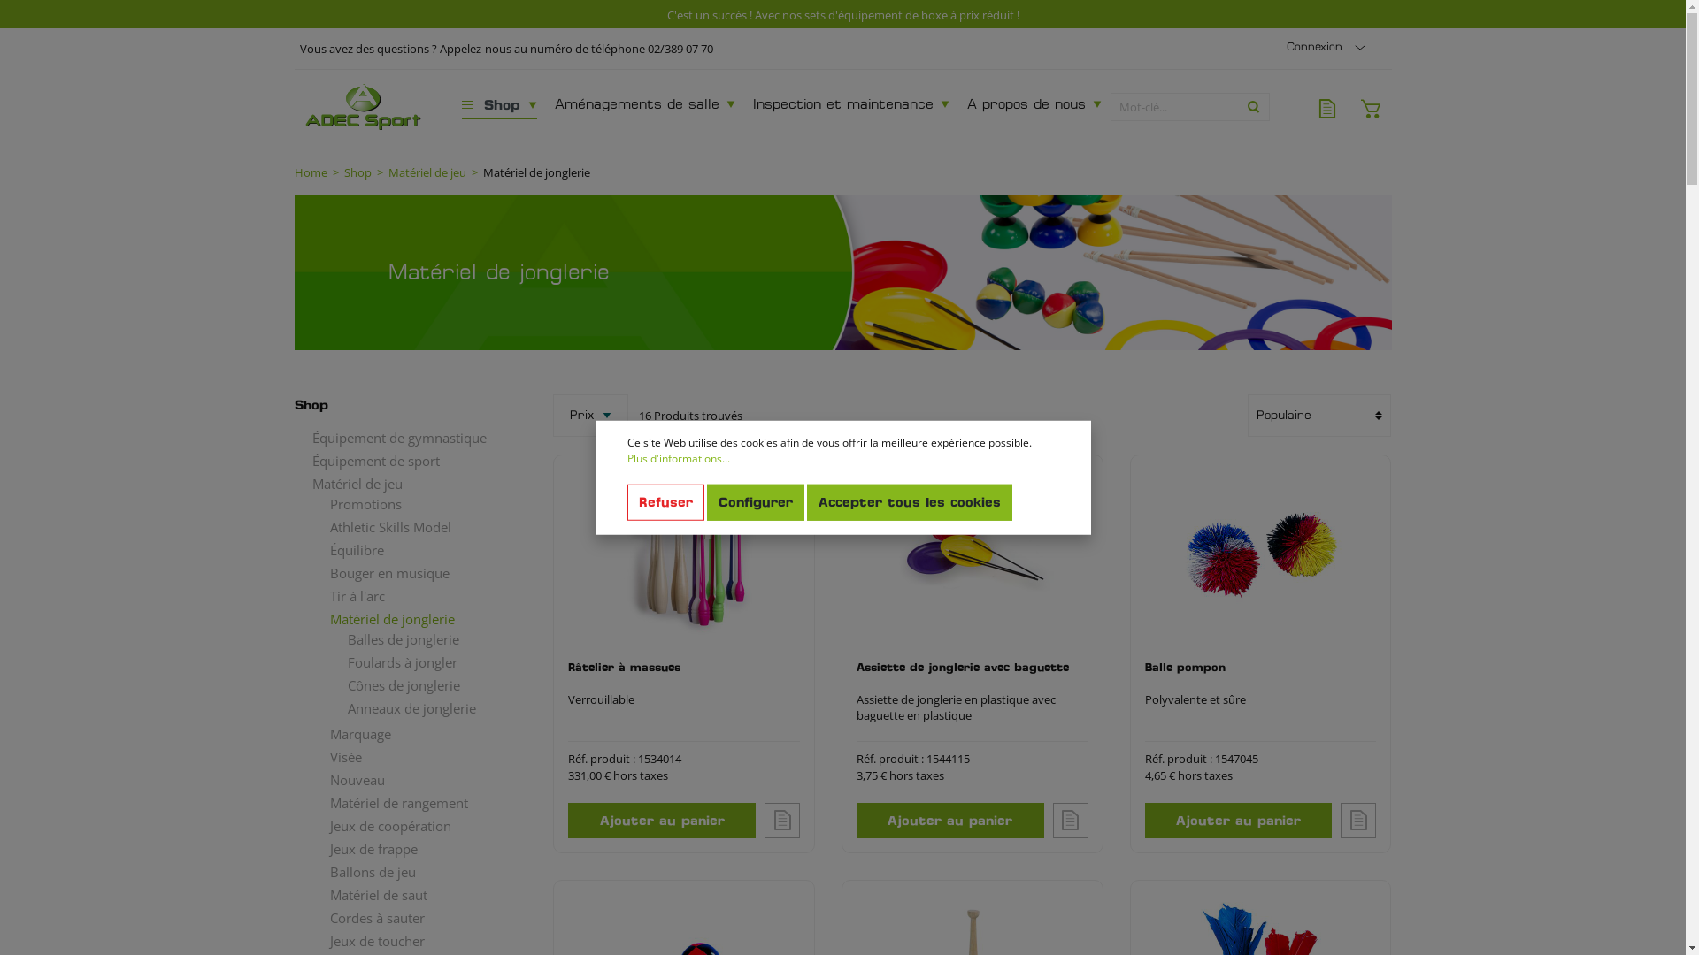 The width and height of the screenshot is (1699, 955). What do you see at coordinates (413, 779) in the screenshot?
I see `'Nouveau'` at bounding box center [413, 779].